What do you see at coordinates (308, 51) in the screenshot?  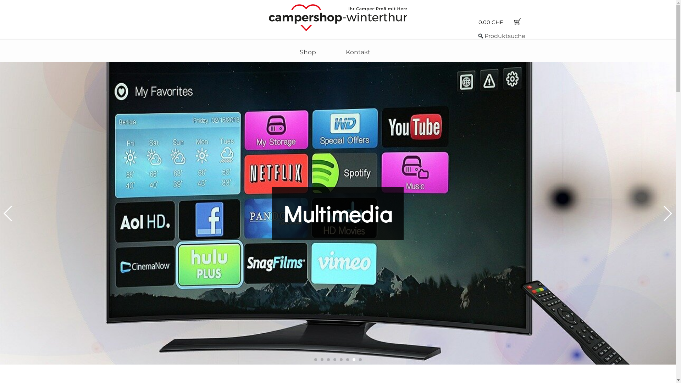 I see `'Shop'` at bounding box center [308, 51].